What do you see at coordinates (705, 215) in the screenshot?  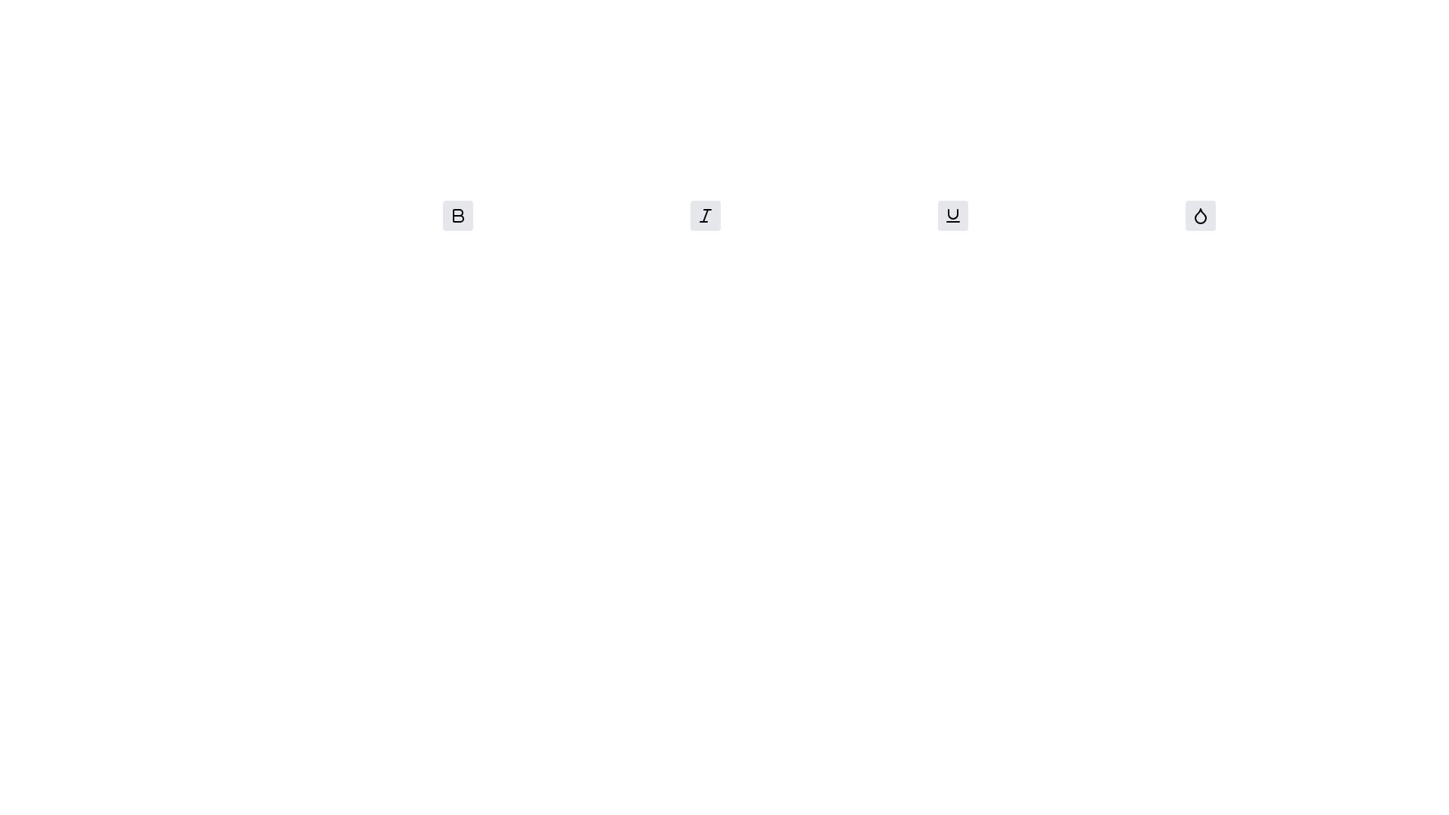 I see `the italic button, the second button in a sequence of four` at bounding box center [705, 215].